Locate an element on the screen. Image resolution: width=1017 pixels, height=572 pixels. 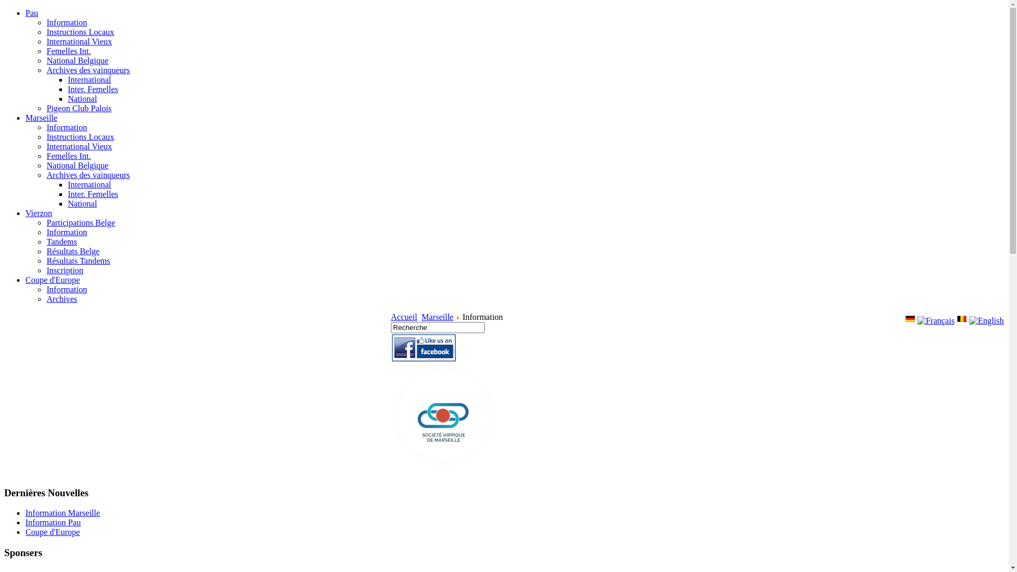
'Vierzon' is located at coordinates (39, 213).